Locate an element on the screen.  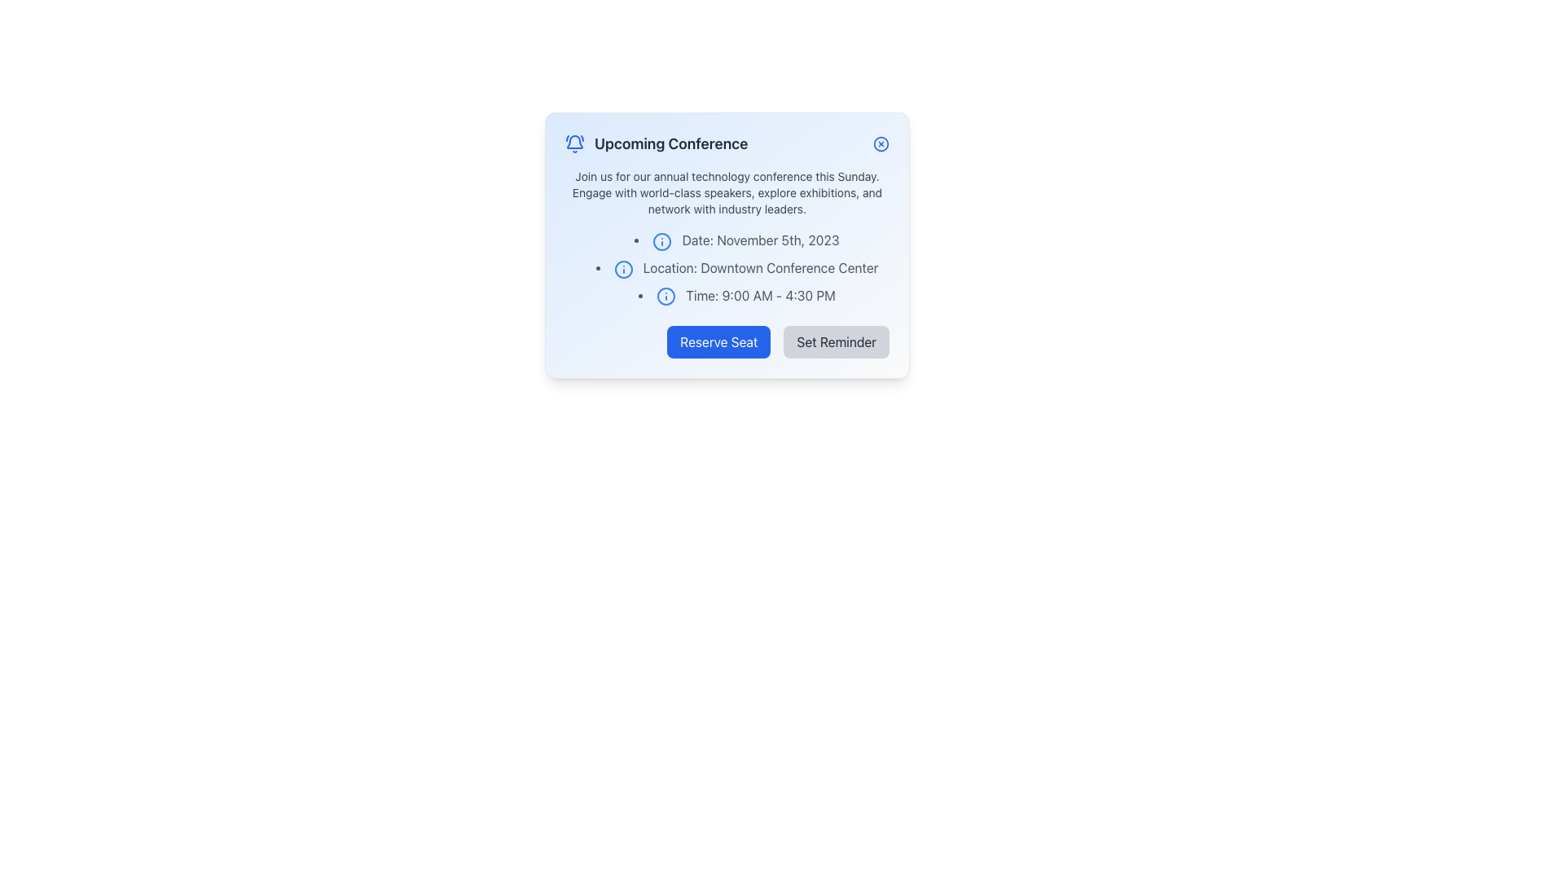
the distinctive icon indicating additional time information located before the text 'Time: 9:00 AM - 4:30 PM' is located at coordinates (666, 297).